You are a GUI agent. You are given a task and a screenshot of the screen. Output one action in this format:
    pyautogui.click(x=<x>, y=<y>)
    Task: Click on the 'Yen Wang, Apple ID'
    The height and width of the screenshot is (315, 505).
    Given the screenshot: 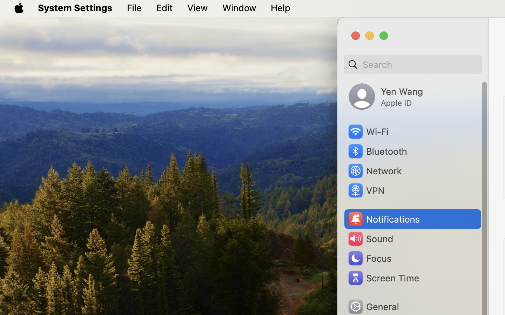 What is the action you would take?
    pyautogui.click(x=385, y=96)
    